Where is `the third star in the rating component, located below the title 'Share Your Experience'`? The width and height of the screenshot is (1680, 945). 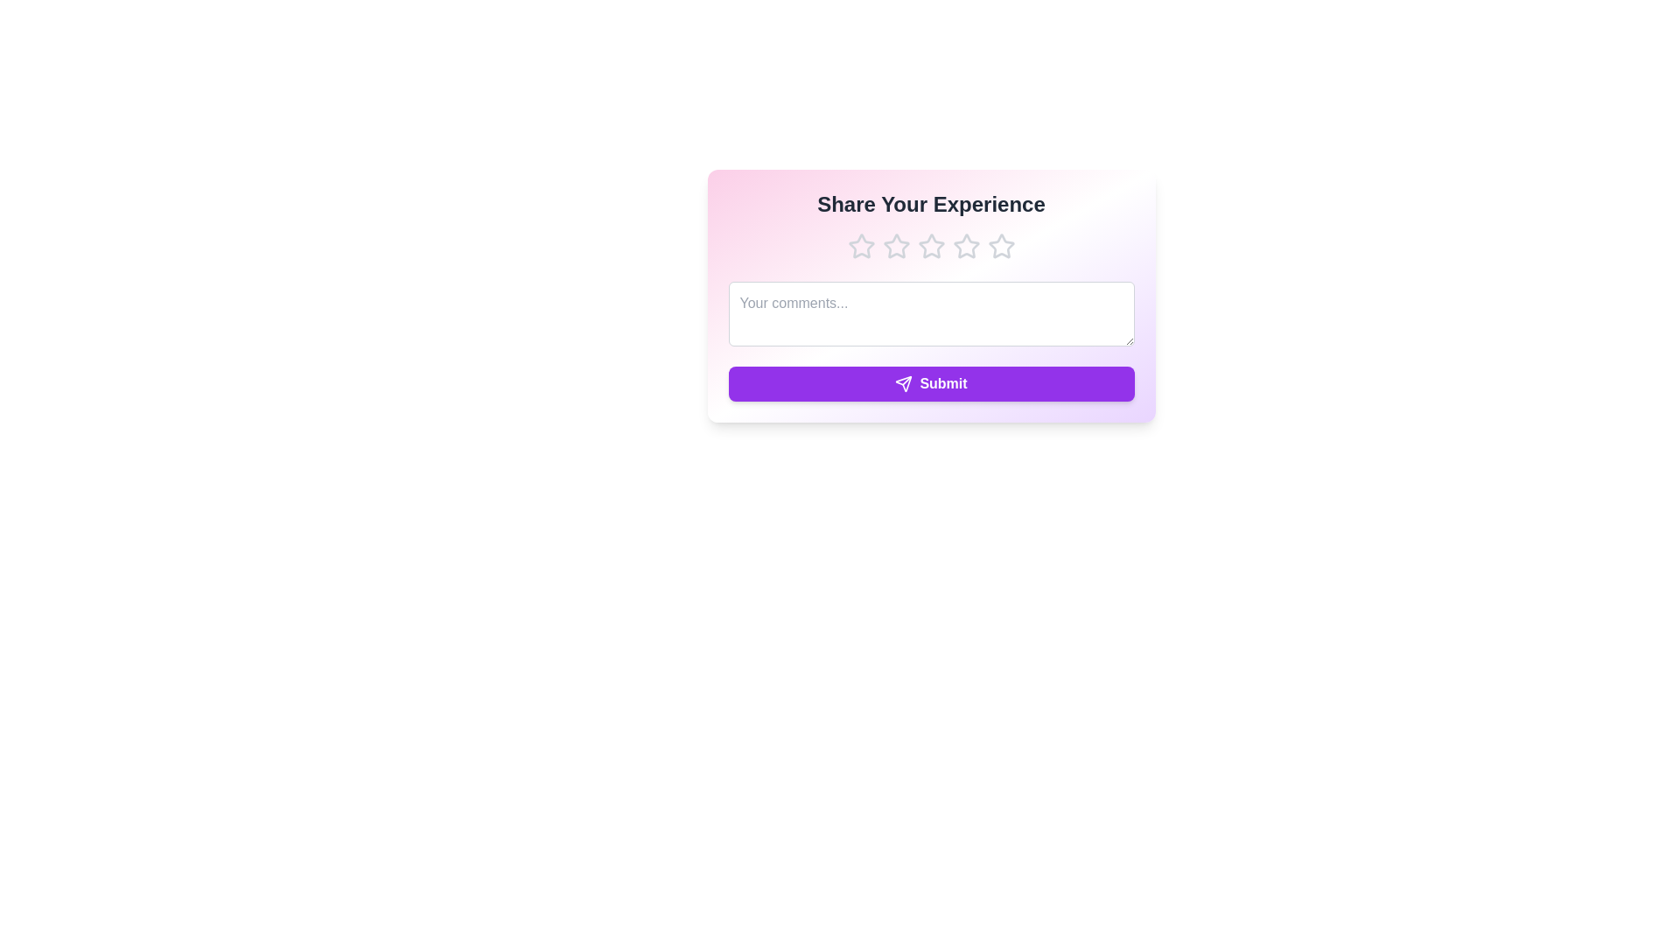 the third star in the rating component, located below the title 'Share Your Experience' is located at coordinates (930, 246).